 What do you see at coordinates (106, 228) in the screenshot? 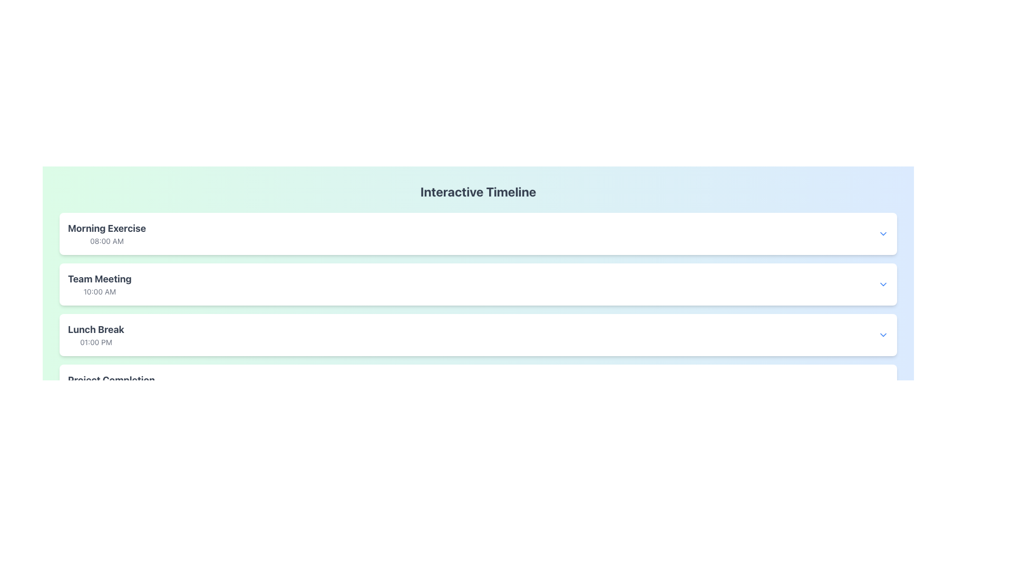
I see `the title text of the first scheduled event, 'Morning Exercise', which is located at the top of the first event card in the vertical list` at bounding box center [106, 228].